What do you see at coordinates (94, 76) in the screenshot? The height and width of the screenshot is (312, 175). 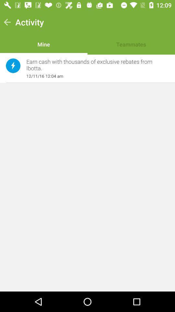 I see `the 12 11 16 item` at bounding box center [94, 76].